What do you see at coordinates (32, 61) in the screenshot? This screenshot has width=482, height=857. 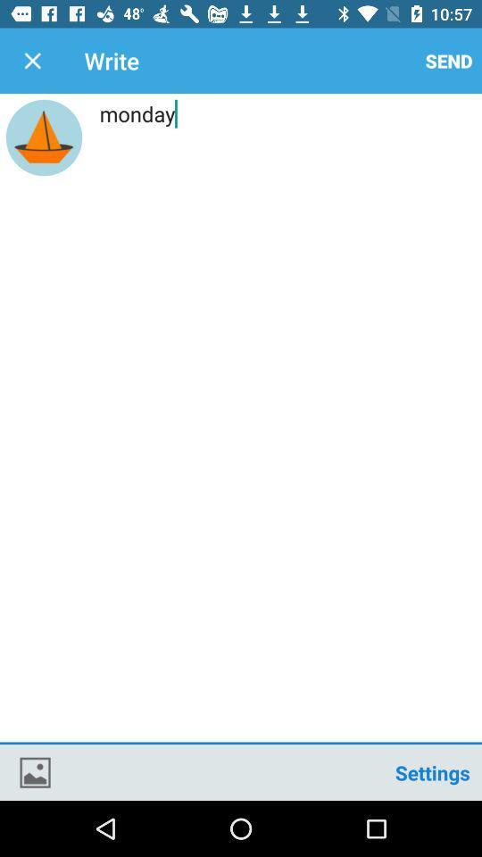 I see `icon to the left of write` at bounding box center [32, 61].